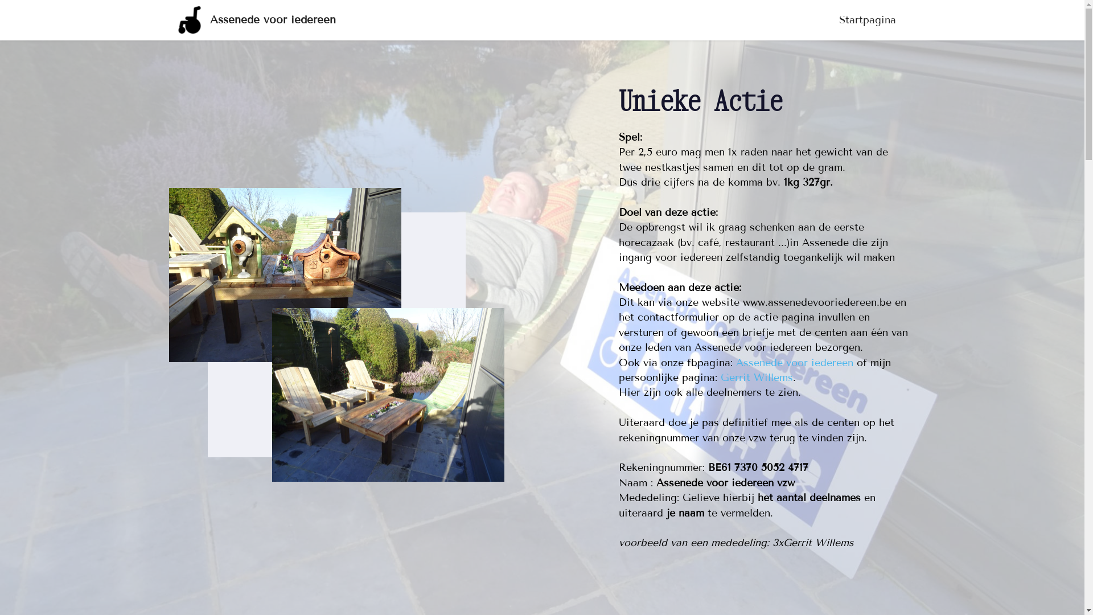 Image resolution: width=1093 pixels, height=615 pixels. I want to click on 'Gerrit Willems', so click(757, 378).